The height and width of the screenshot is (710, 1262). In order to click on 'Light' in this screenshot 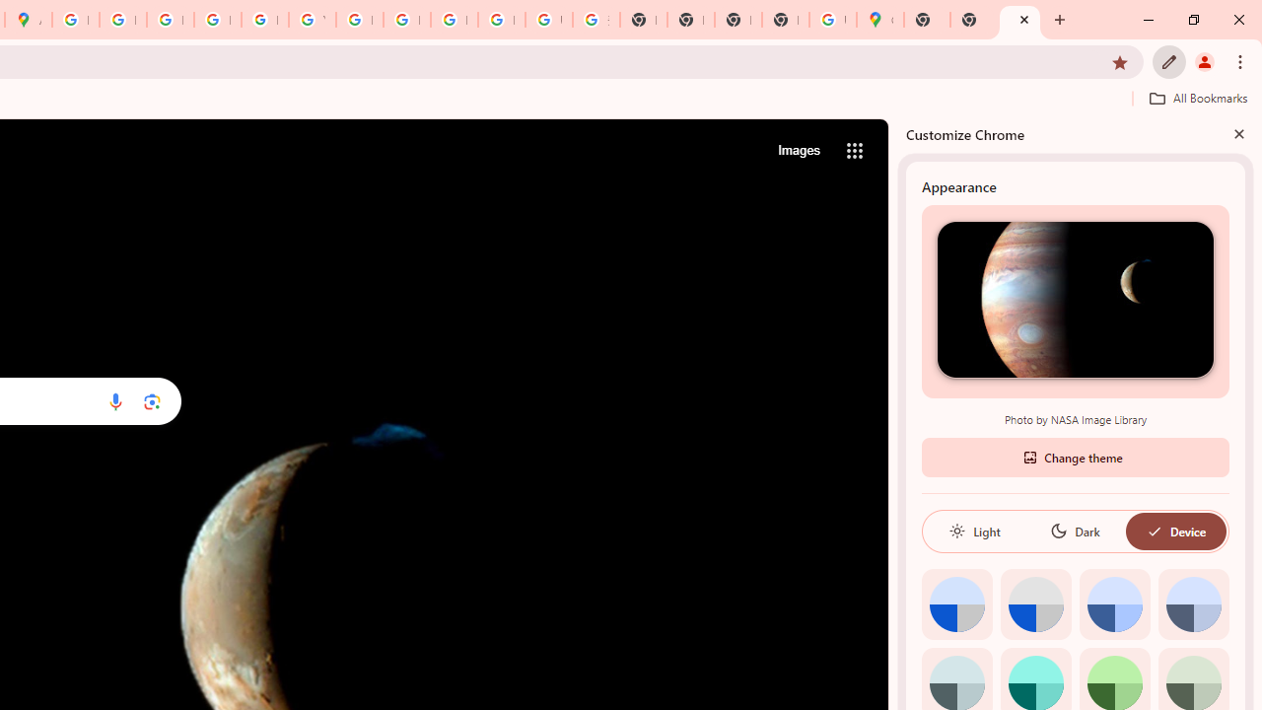, I will do `click(974, 530)`.